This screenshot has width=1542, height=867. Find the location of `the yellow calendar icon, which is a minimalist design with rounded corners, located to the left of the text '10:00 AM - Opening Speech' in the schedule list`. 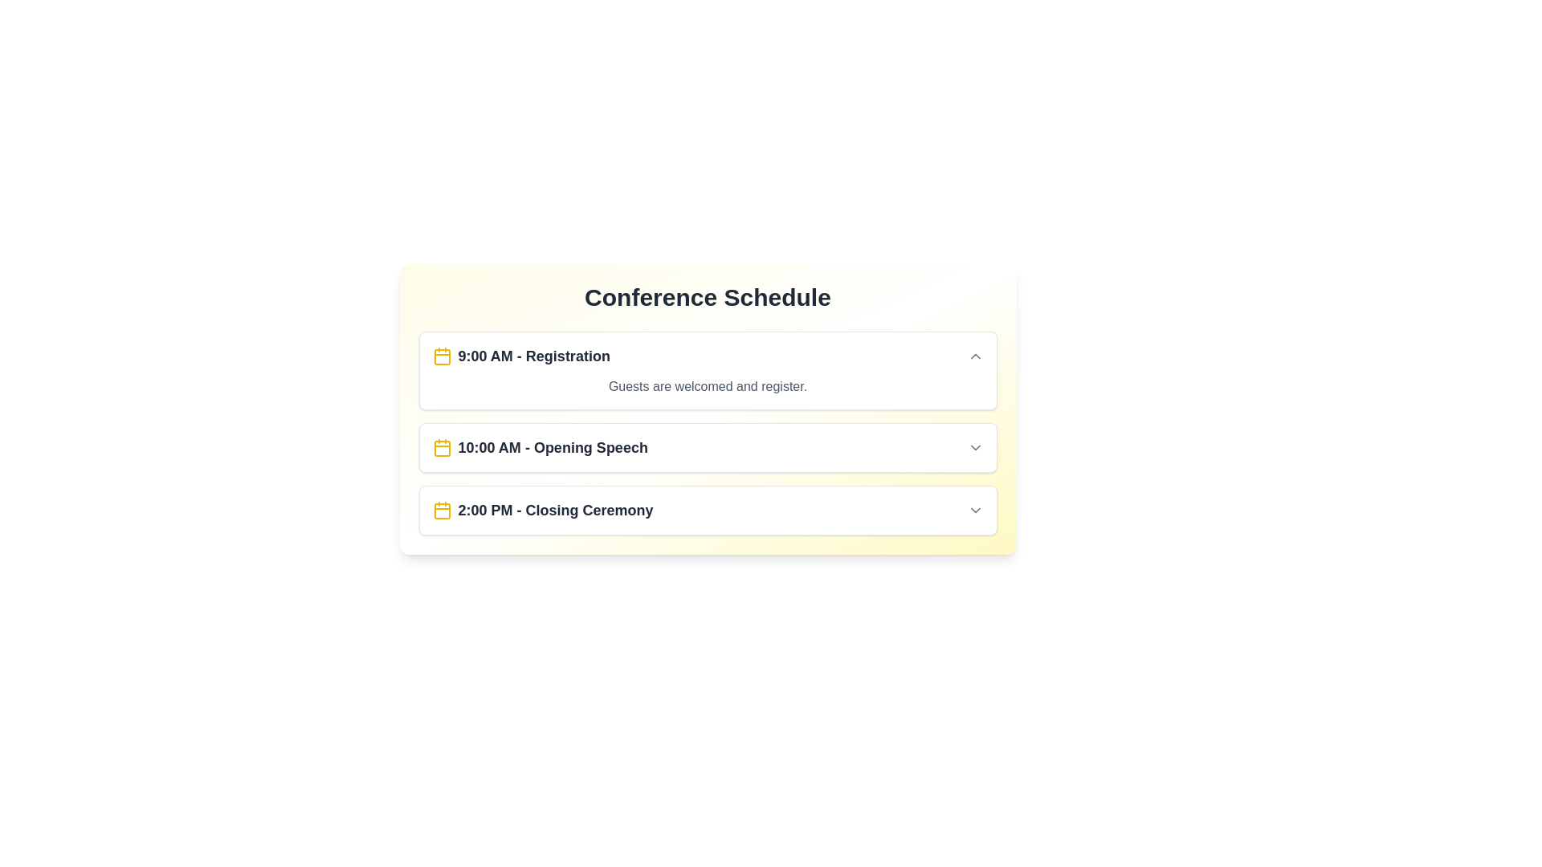

the yellow calendar icon, which is a minimalist design with rounded corners, located to the left of the text '10:00 AM - Opening Speech' in the schedule list is located at coordinates (442, 448).